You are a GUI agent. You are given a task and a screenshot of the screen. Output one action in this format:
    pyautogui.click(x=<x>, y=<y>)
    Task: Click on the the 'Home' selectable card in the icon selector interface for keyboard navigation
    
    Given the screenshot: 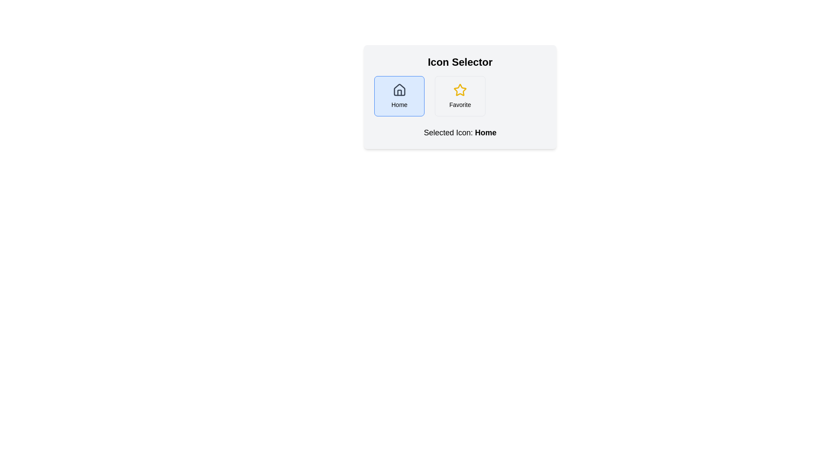 What is the action you would take?
    pyautogui.click(x=399, y=96)
    